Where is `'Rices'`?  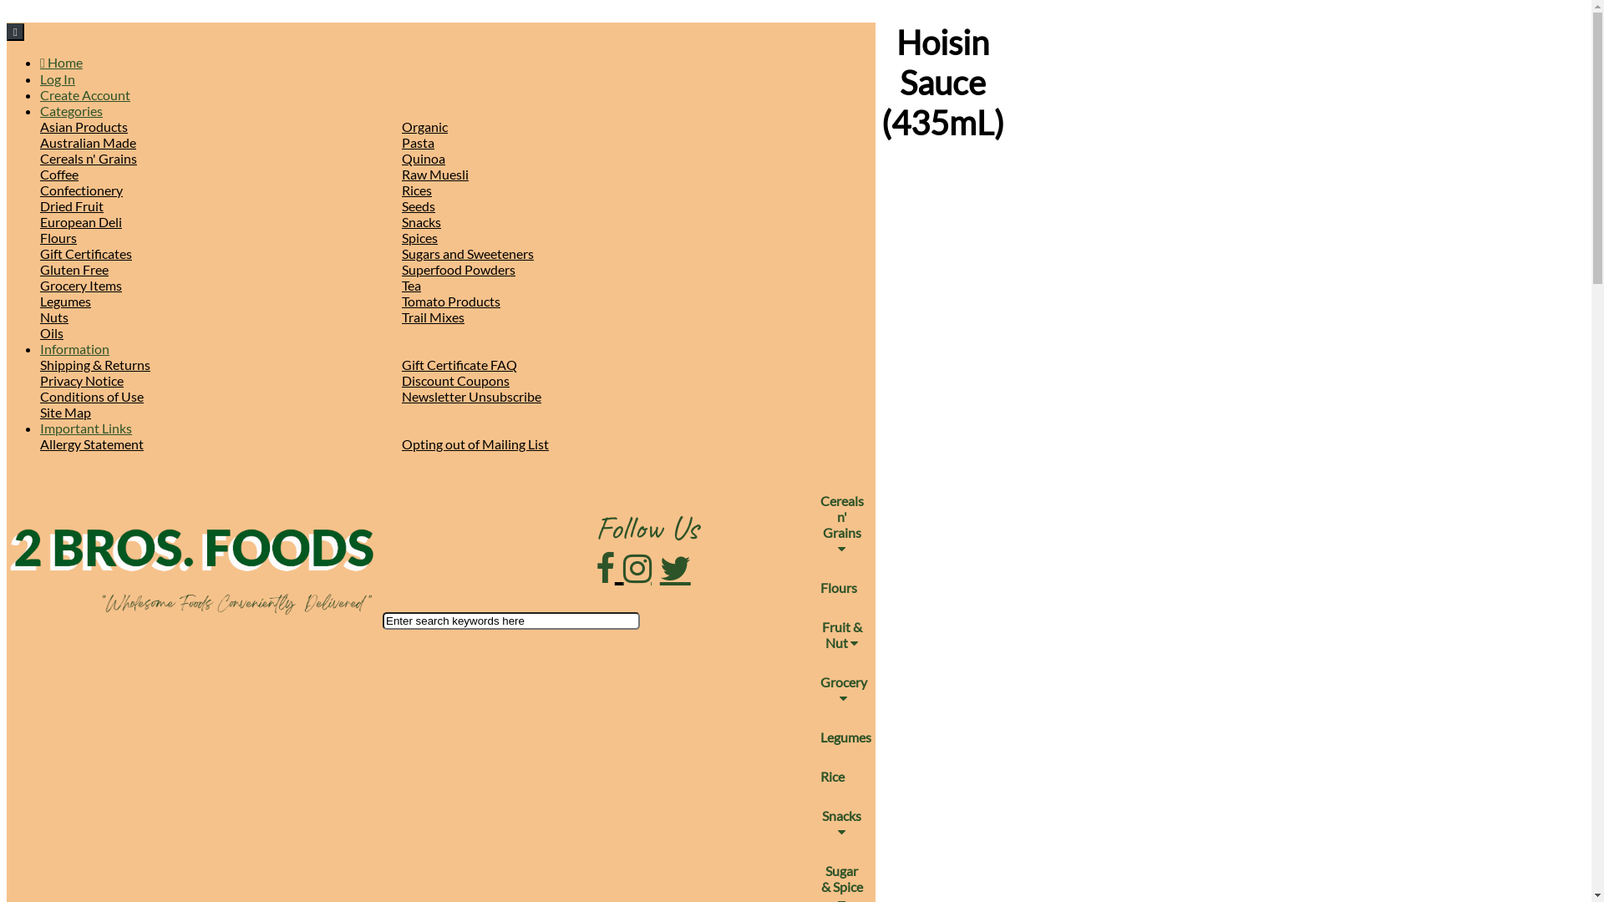 'Rices' is located at coordinates (417, 189).